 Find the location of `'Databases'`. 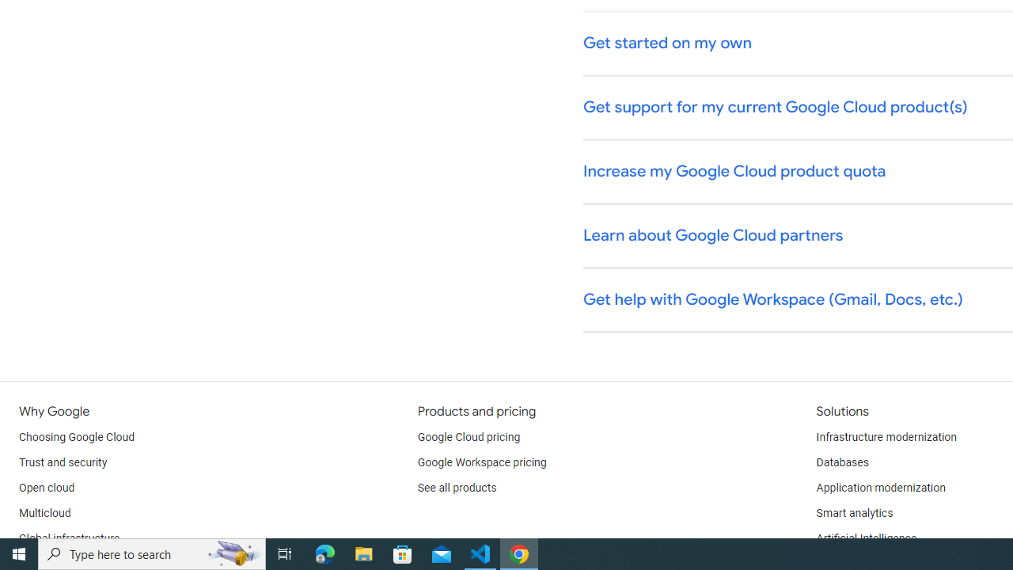

'Databases' is located at coordinates (841, 463).